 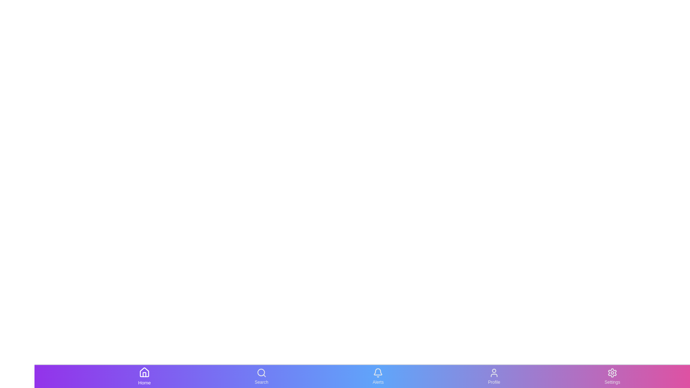 I want to click on the Settings tab in the bottom navigation bar, so click(x=612, y=376).